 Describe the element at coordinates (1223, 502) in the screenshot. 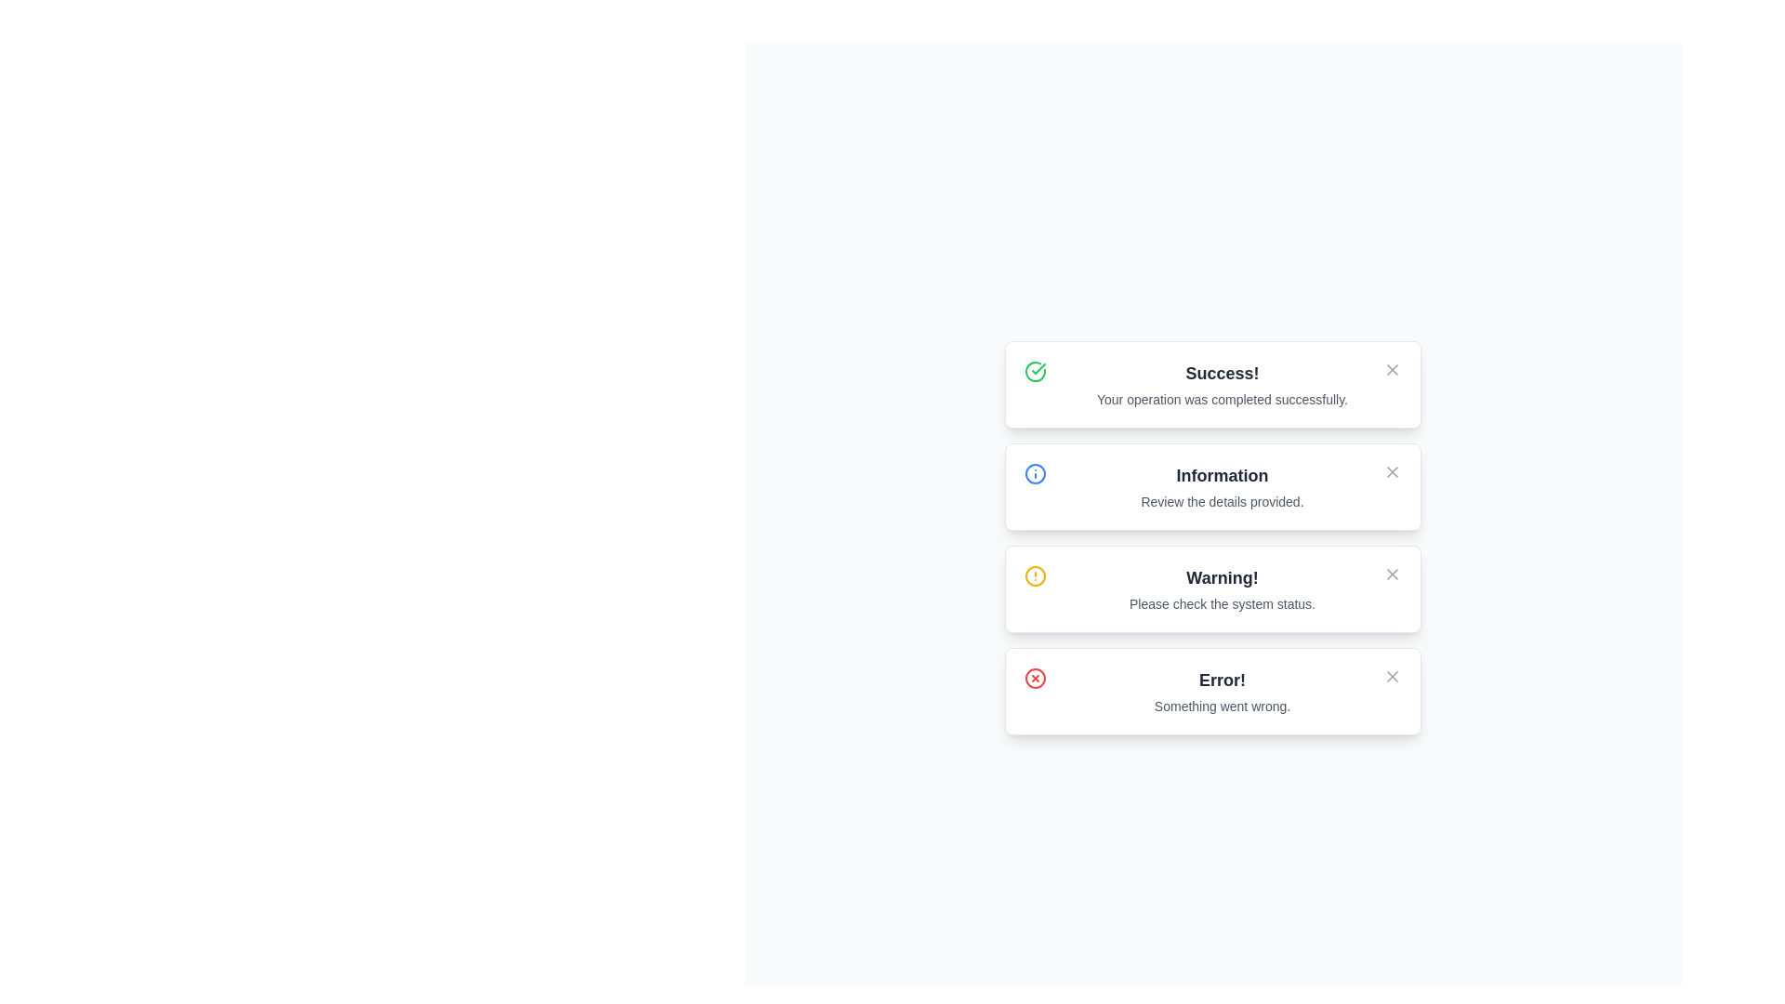

I see `the text label displaying 'Review the details provided.' which is located below the 'Information' section in the second card from the top` at that location.